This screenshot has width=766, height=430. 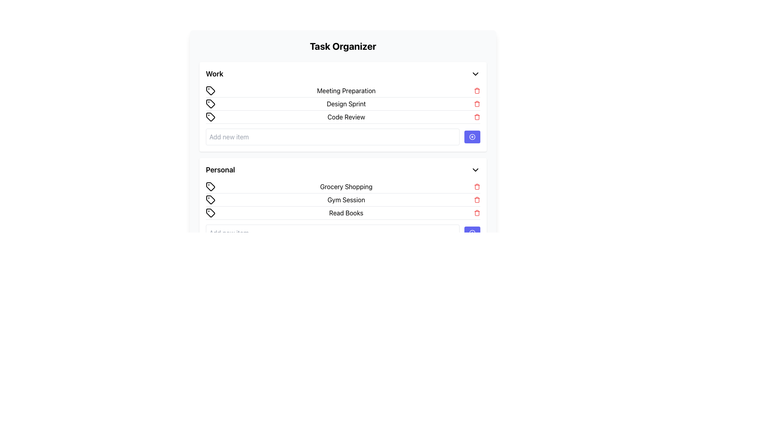 I want to click on the downward-pointing chevron icon with a black outline located at the top right corner of the 'Work' section header, so click(x=475, y=74).